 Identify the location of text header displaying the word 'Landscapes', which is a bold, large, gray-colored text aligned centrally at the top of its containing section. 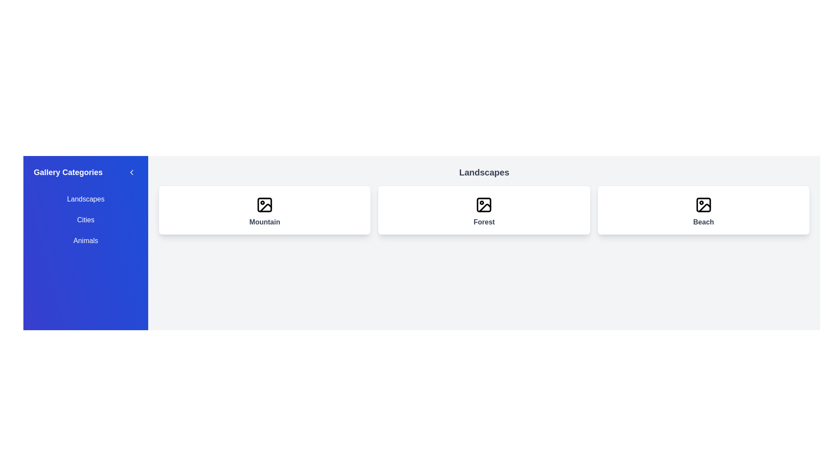
(484, 172).